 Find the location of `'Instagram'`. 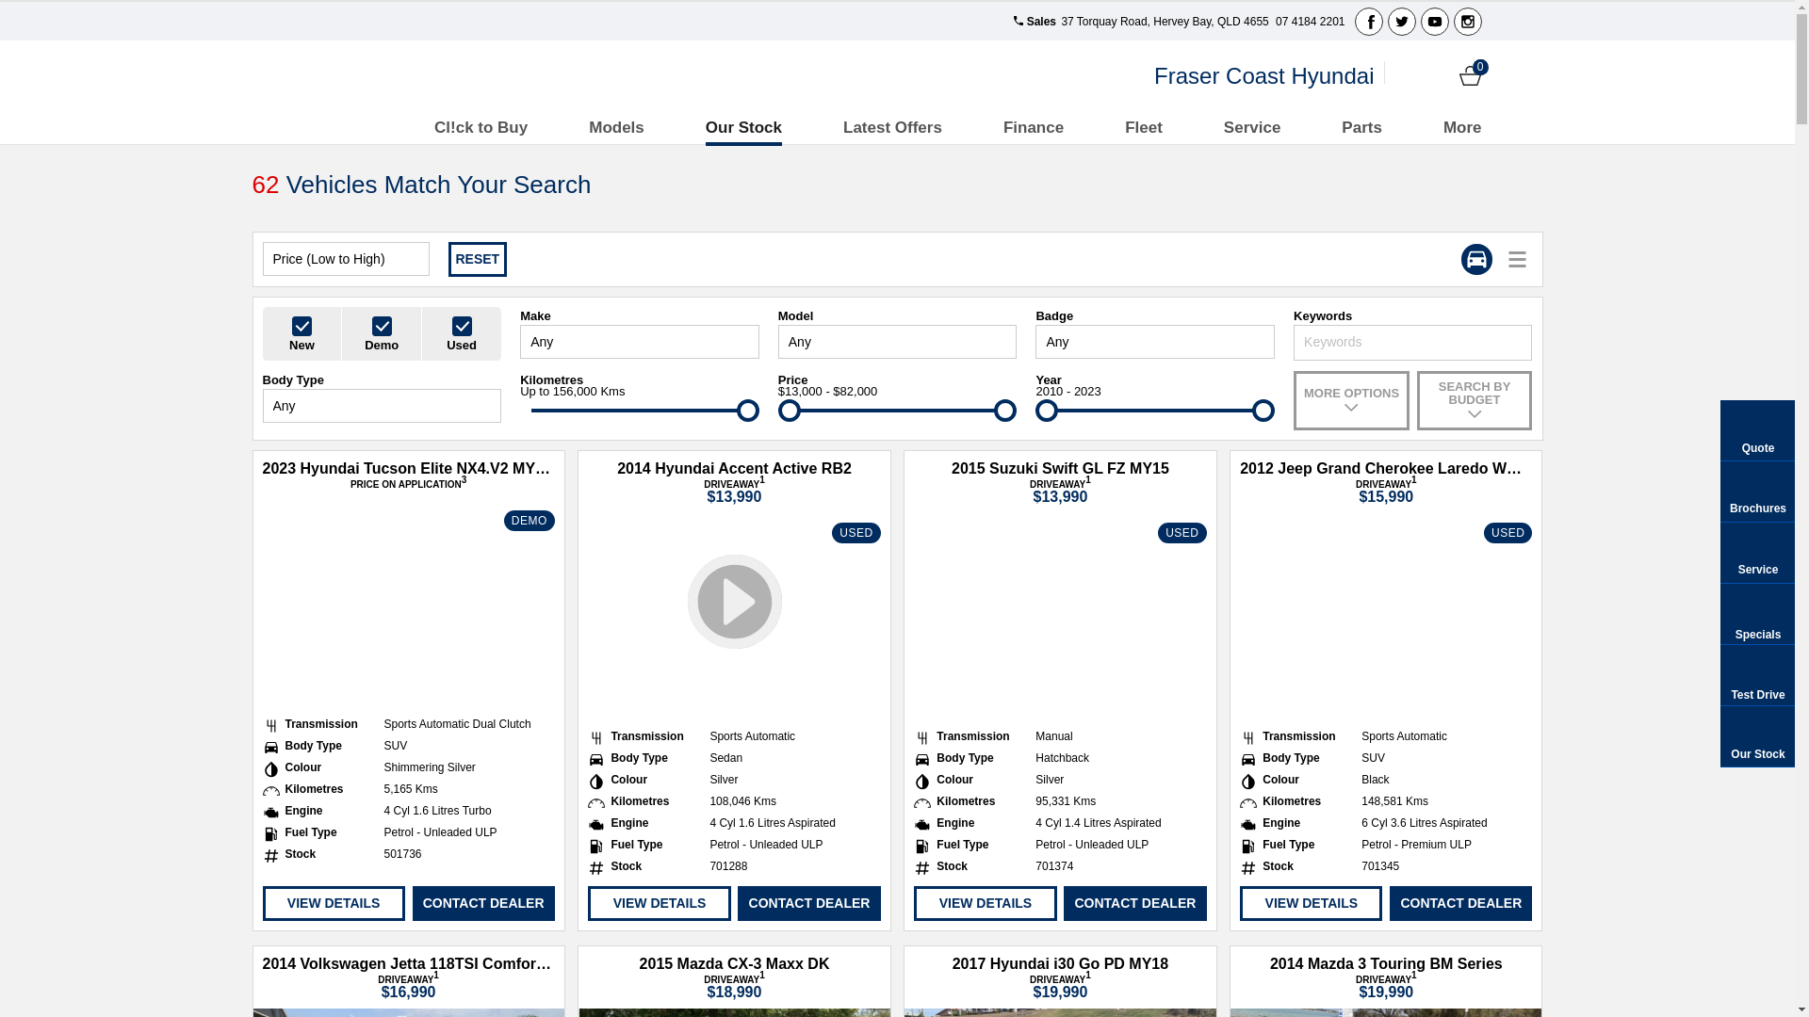

'Instagram' is located at coordinates (1465, 22).